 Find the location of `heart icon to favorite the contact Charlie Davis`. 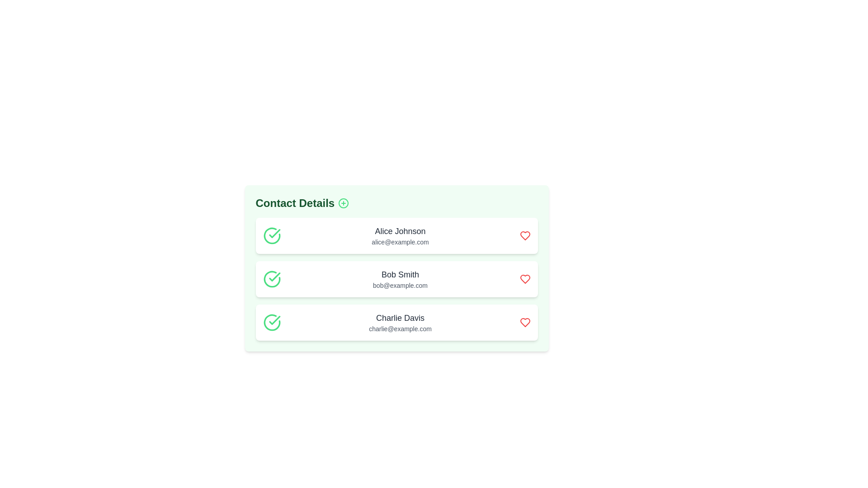

heart icon to favorite the contact Charlie Davis is located at coordinates (525, 322).